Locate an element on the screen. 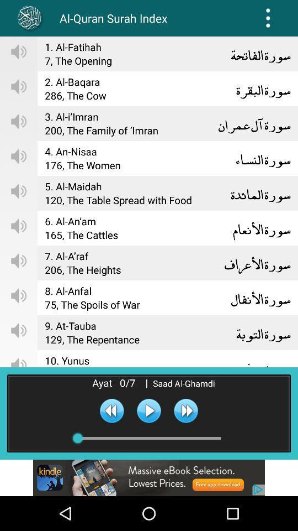  rewind button is located at coordinates (111, 410).